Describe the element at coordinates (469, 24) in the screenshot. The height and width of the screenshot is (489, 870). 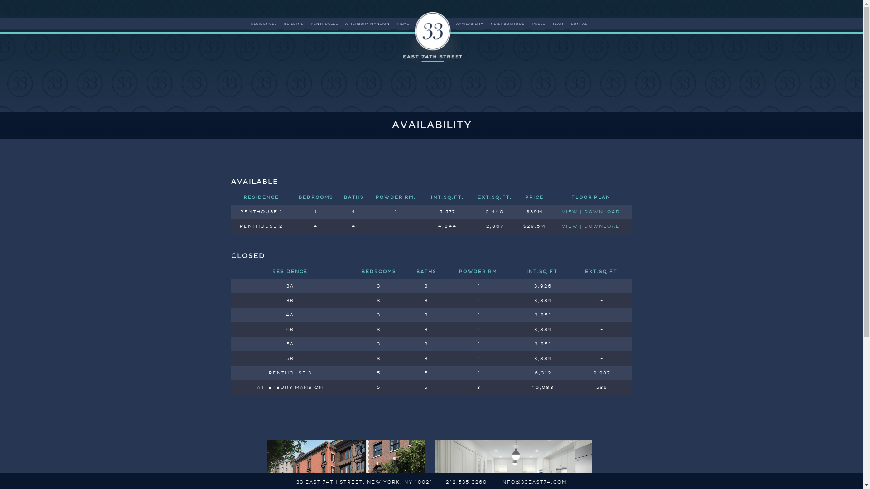
I see `'AVAILABILITY'` at that location.